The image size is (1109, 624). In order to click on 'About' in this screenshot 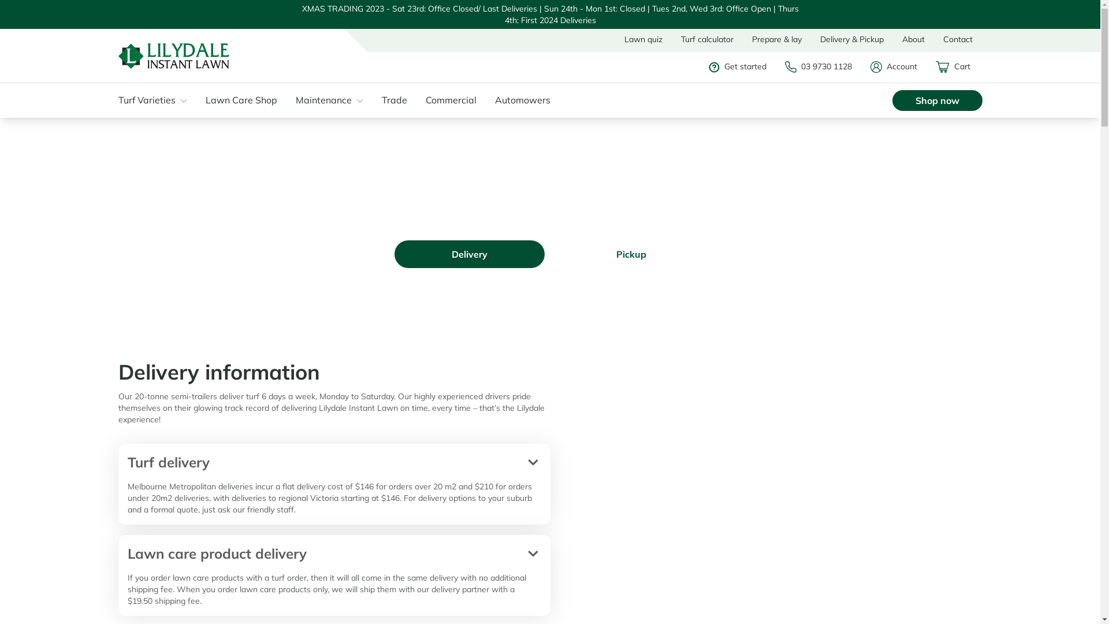, I will do `click(913, 39)`.